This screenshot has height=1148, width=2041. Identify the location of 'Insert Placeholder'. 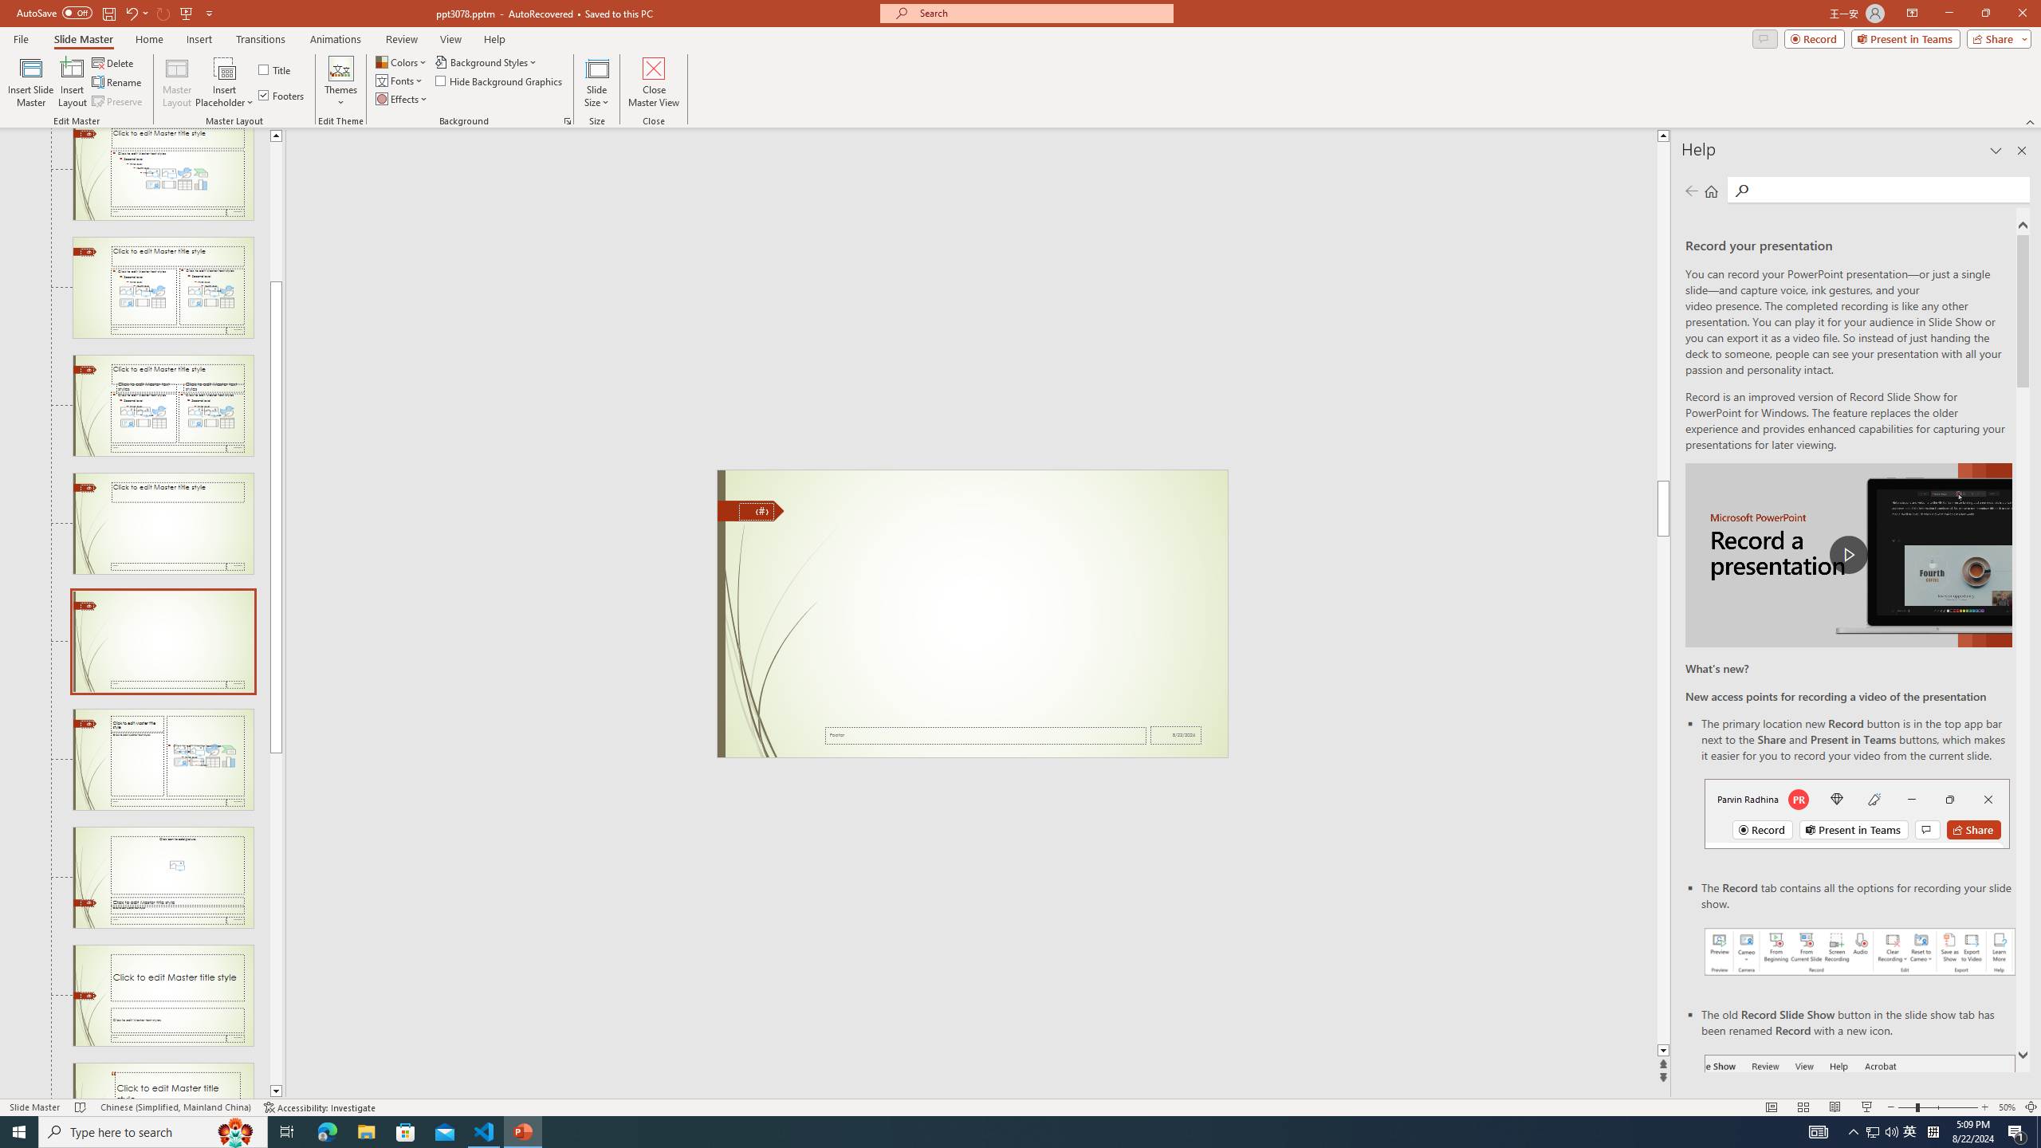
(224, 82).